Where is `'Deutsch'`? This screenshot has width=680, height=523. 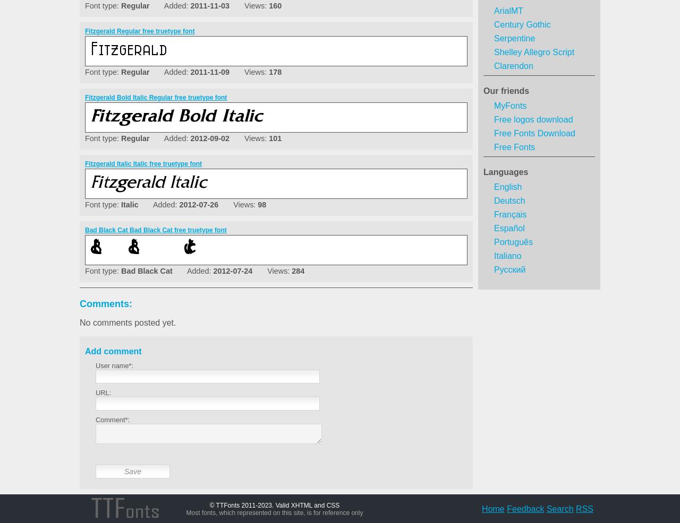
'Deutsch' is located at coordinates (508, 200).